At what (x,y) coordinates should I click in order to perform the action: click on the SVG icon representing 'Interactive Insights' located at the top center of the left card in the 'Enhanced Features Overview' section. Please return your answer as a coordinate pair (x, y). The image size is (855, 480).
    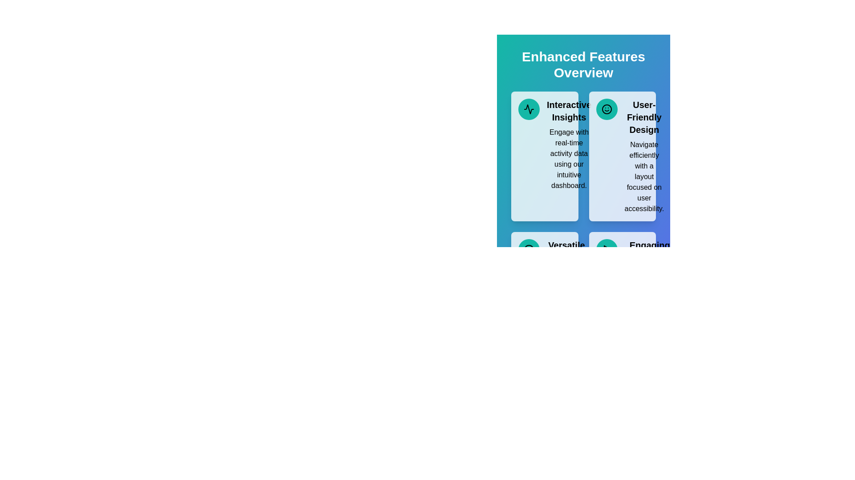
    Looking at the image, I should click on (529, 109).